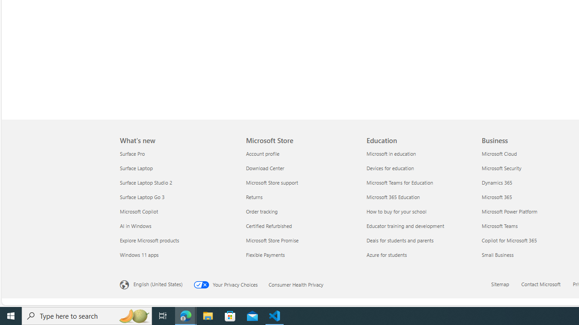 This screenshot has width=579, height=325. Describe the element at coordinates (501, 168) in the screenshot. I see `'Microsoft Security Business'` at that location.